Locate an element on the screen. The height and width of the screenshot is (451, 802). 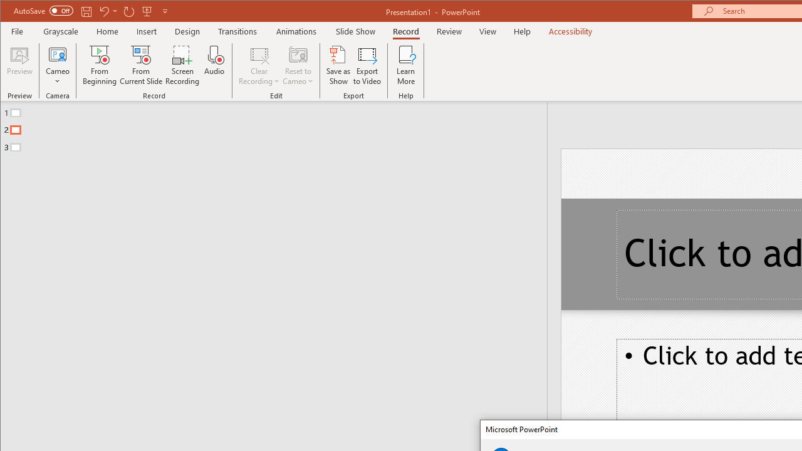
'Grayscale' is located at coordinates (60, 31).